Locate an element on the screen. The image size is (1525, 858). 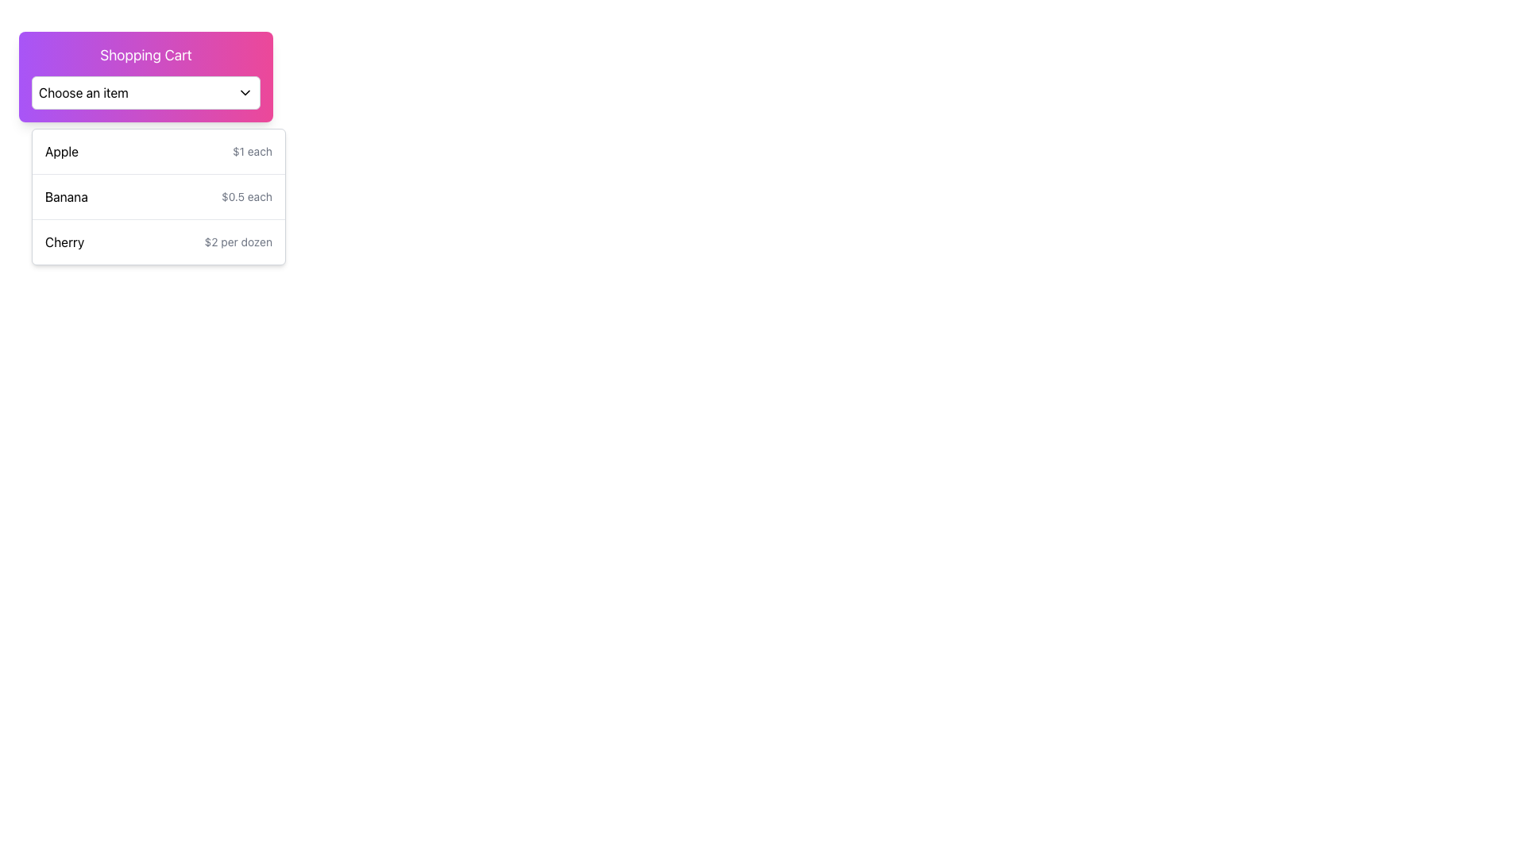
on the 'Banana' item in the list is located at coordinates (159, 195).